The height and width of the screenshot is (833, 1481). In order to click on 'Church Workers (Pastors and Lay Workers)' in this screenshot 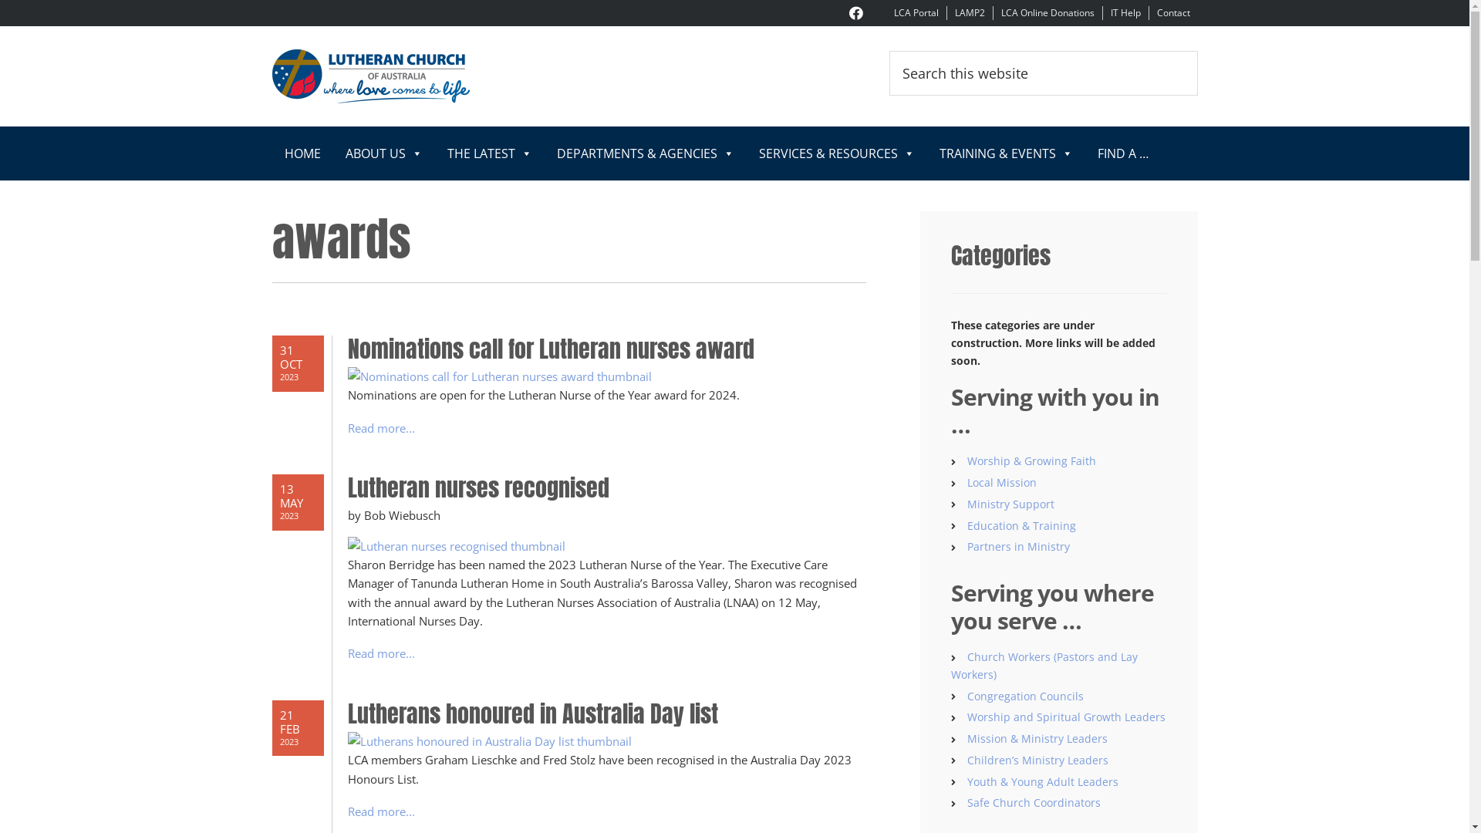, I will do `click(950, 665)`.